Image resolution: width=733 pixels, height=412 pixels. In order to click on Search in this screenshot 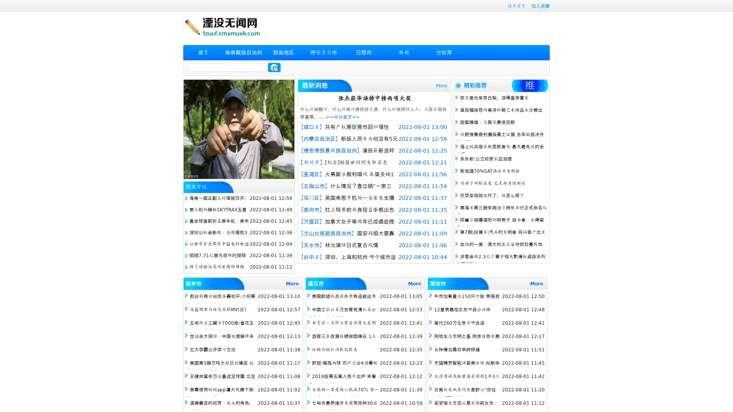, I will do `click(274, 67)`.